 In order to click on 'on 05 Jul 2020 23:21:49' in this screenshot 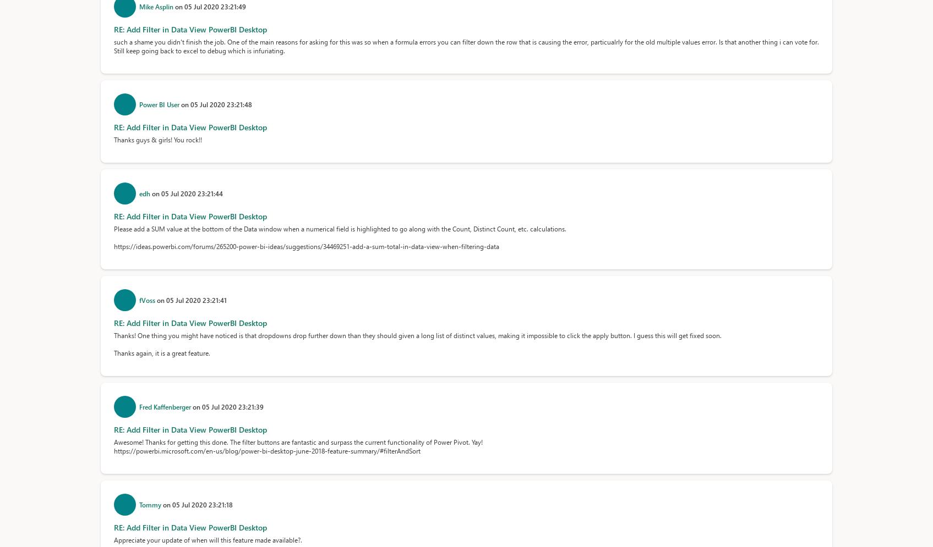, I will do `click(209, 7)`.